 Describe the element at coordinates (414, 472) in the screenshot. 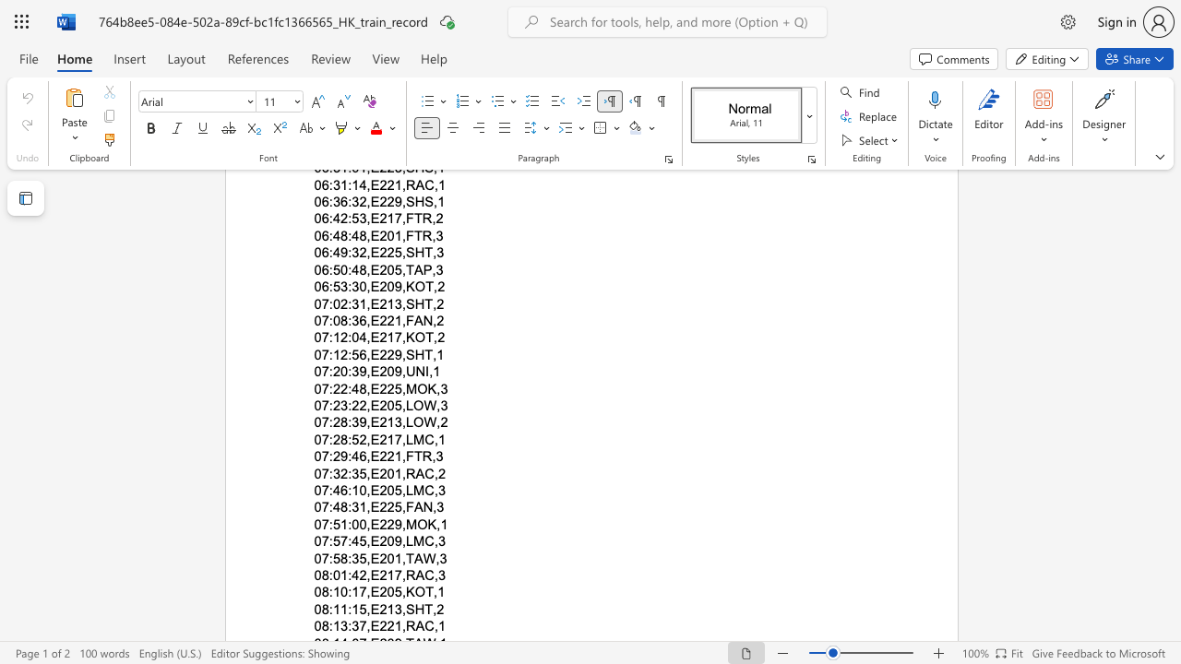

I see `the space between the continuous character "R" and "A" in the text` at that location.